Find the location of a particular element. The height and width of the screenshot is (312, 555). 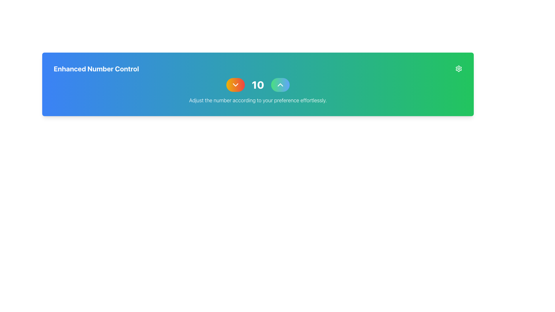

the decrement icon located inside the right circular button near the value '10' is located at coordinates (236, 85).